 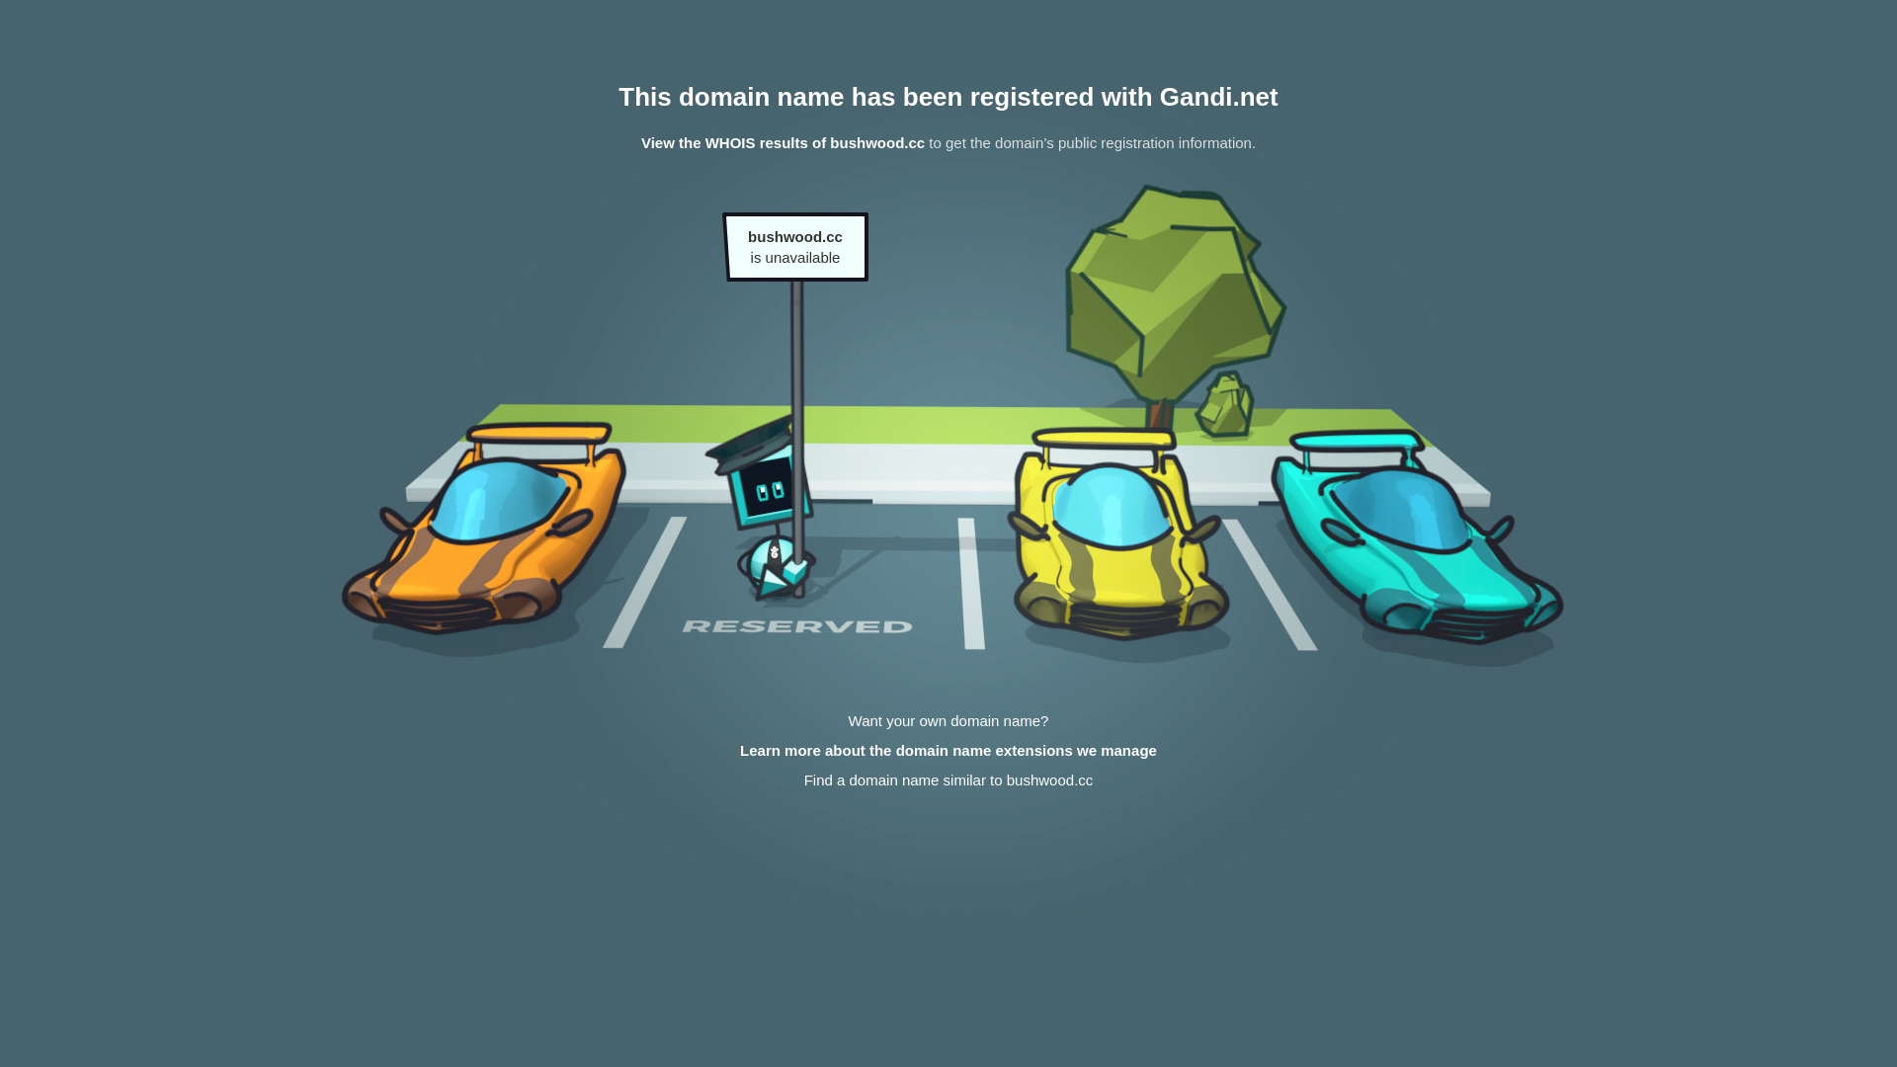 What do you see at coordinates (948, 750) in the screenshot?
I see `'Learn more about the domain name extensions we manage'` at bounding box center [948, 750].